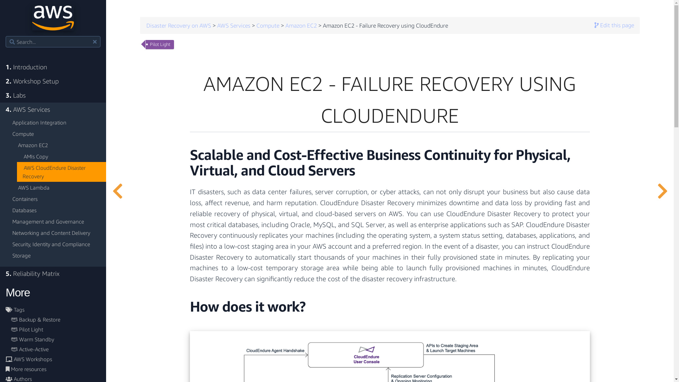 This screenshot has width=679, height=382. Describe the element at coordinates (5, 95) in the screenshot. I see `'3. Labs'` at that location.